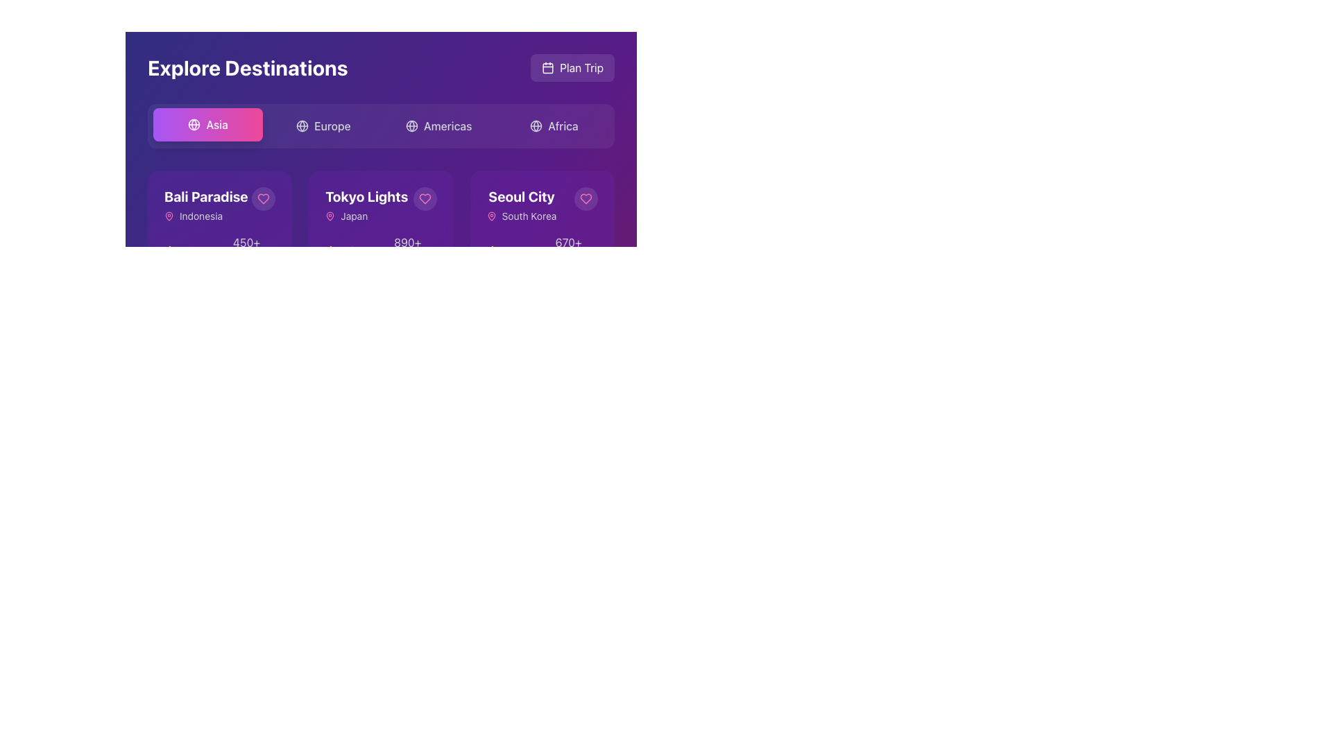 The image size is (1332, 749). Describe the element at coordinates (194, 125) in the screenshot. I see `the outermost circular component of the SVG globe icon located between the 'Asia' and 'Europe' tab labels` at that location.